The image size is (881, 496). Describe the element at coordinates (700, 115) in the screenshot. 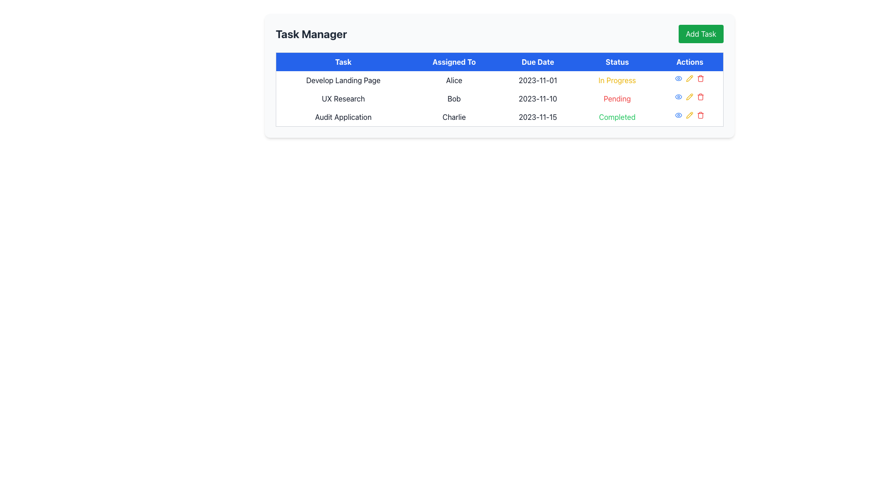

I see `the outer rectangular structure of the trash bin icon located in the 'Actions' column of the table row assigned to 'Charlie'` at that location.